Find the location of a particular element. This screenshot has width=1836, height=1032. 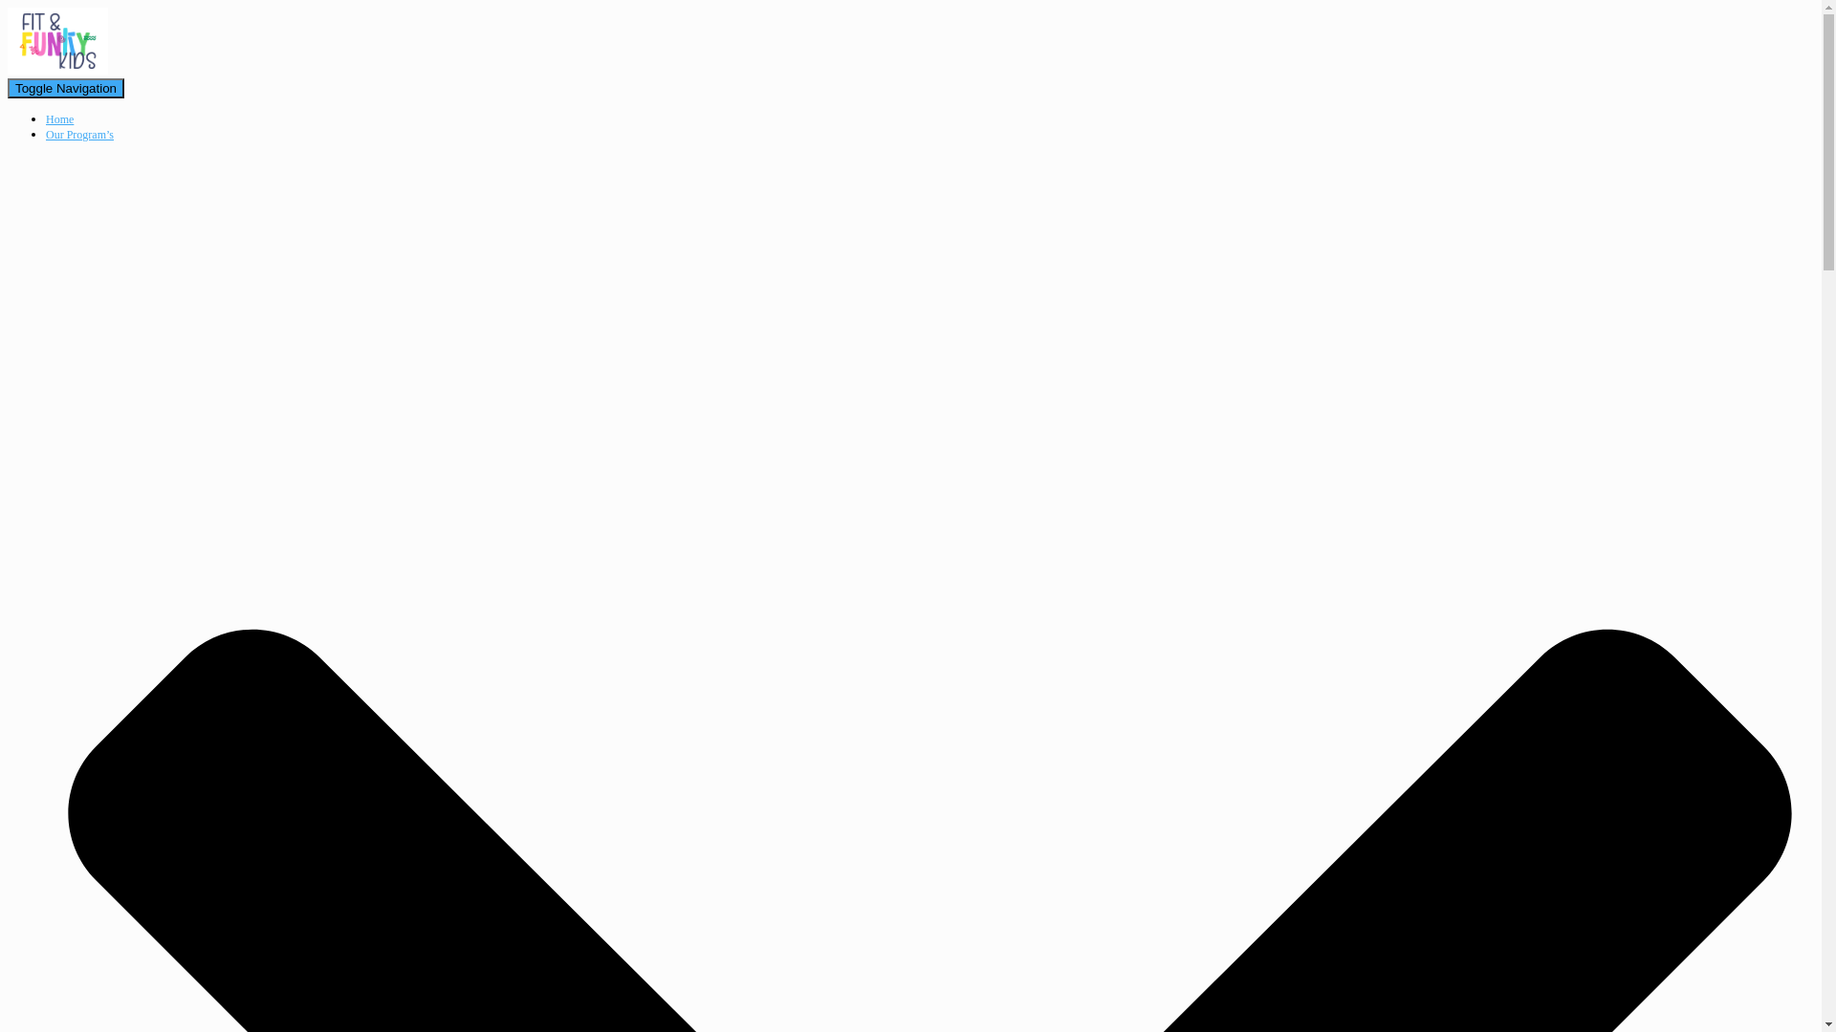

'Fit and Funky Kids' is located at coordinates (57, 69).